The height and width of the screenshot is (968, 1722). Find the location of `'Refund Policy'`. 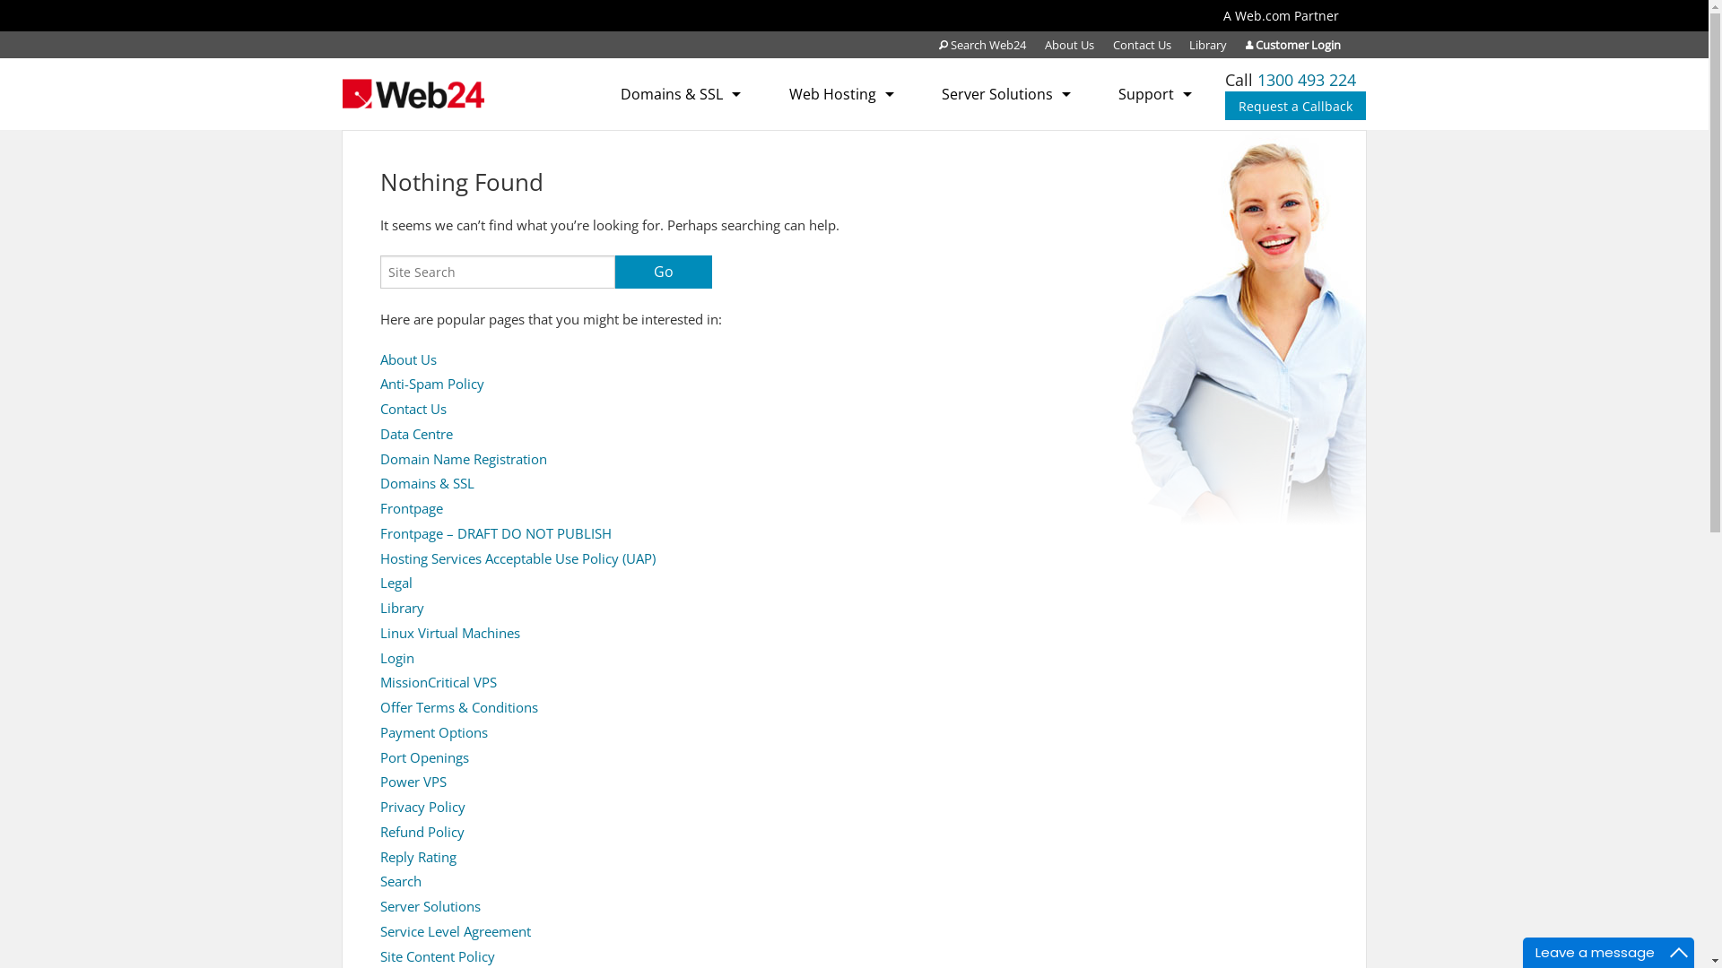

'Refund Policy' is located at coordinates (421, 832).